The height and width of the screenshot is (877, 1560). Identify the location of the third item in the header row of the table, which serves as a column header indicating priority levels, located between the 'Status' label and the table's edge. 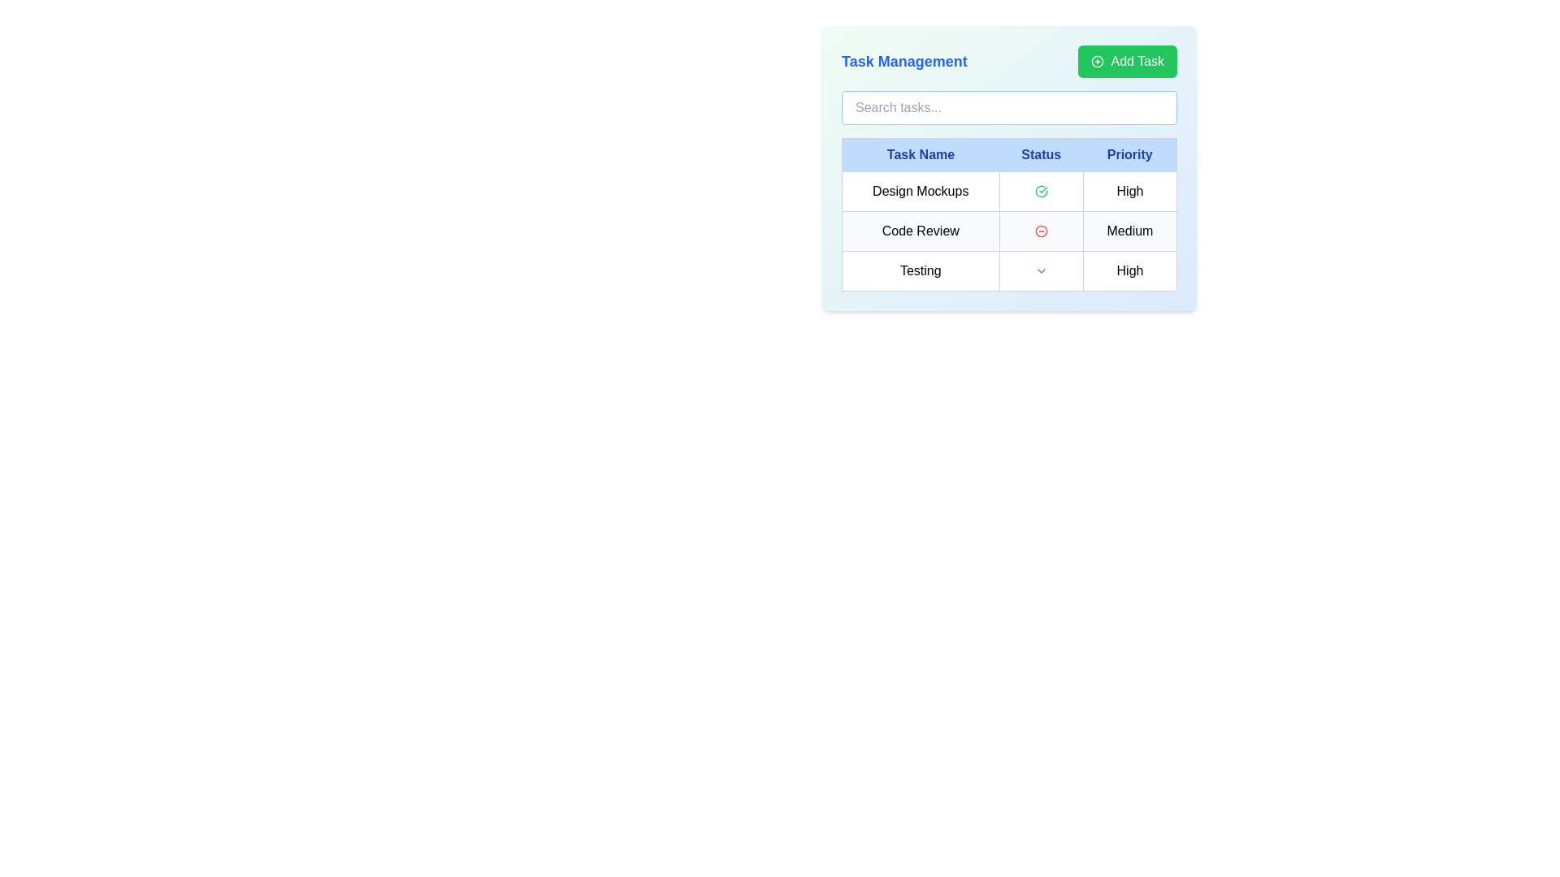
(1129, 155).